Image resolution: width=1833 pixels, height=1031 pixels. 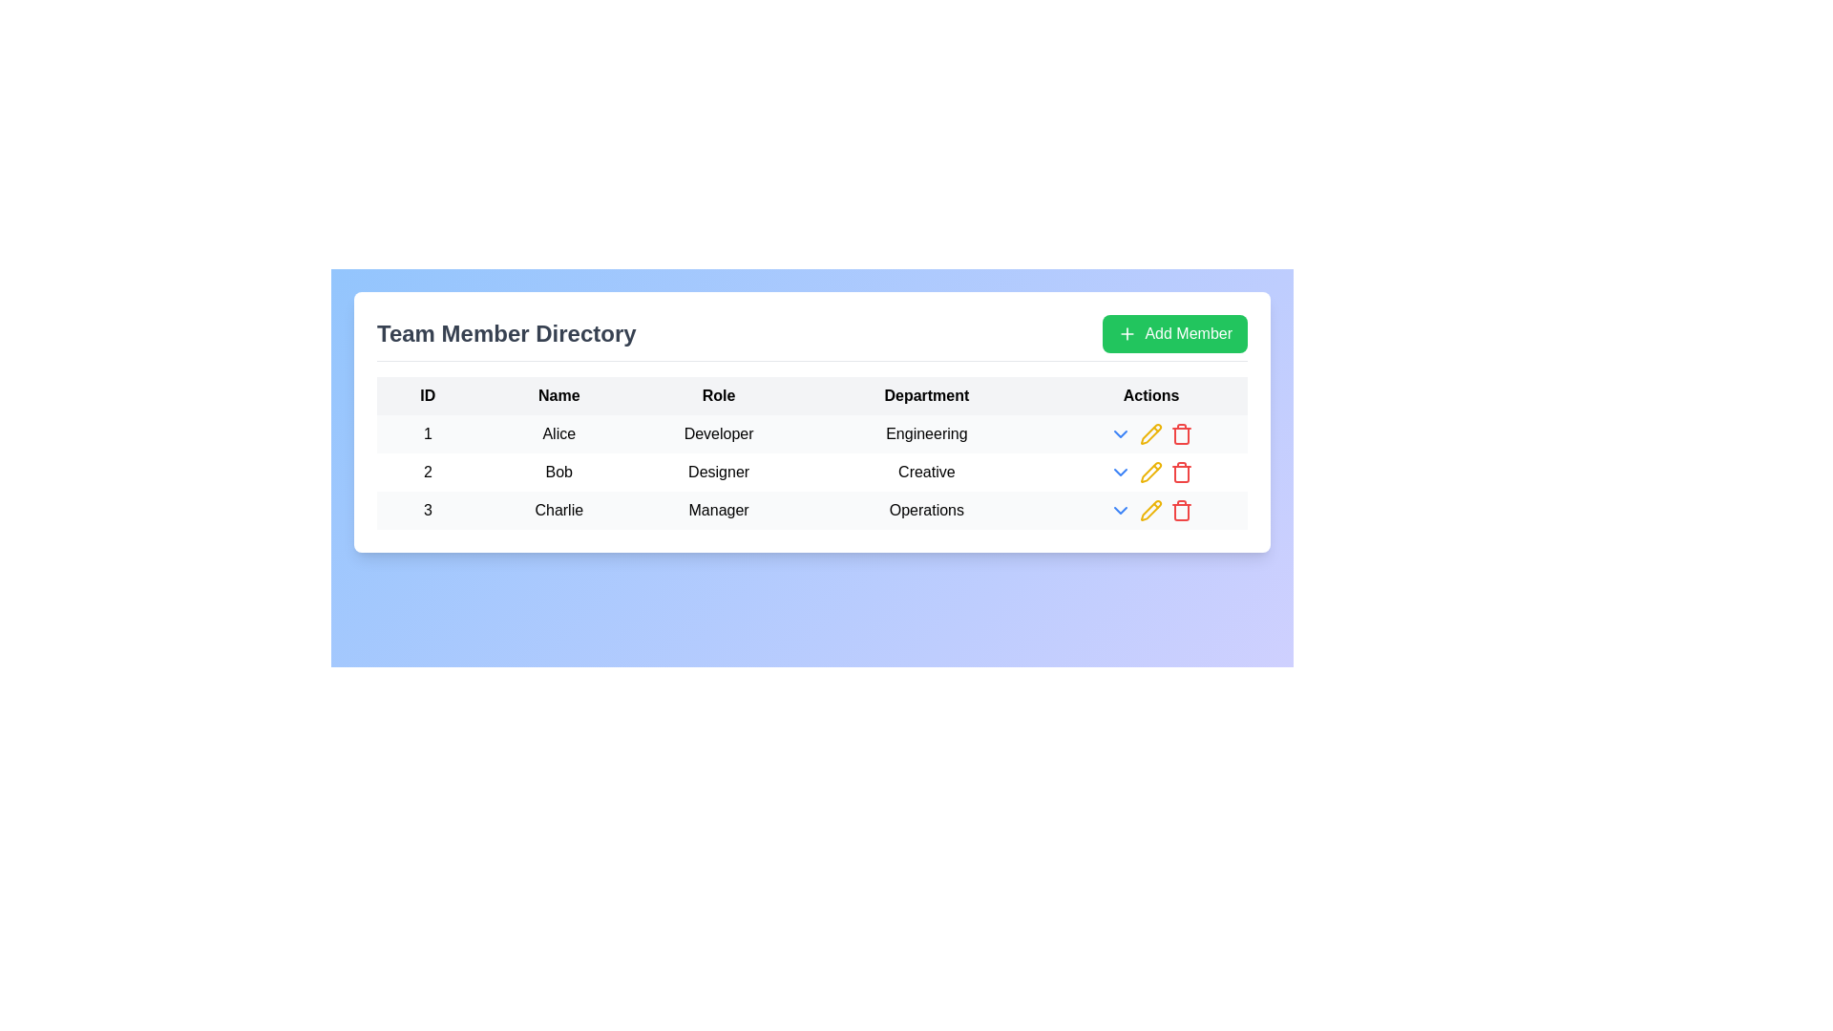 What do you see at coordinates (811, 472) in the screenshot?
I see `the second row in the table containing data entries for ID '2', Name 'Bob', Role 'Designer', and Department 'Creative'` at bounding box center [811, 472].